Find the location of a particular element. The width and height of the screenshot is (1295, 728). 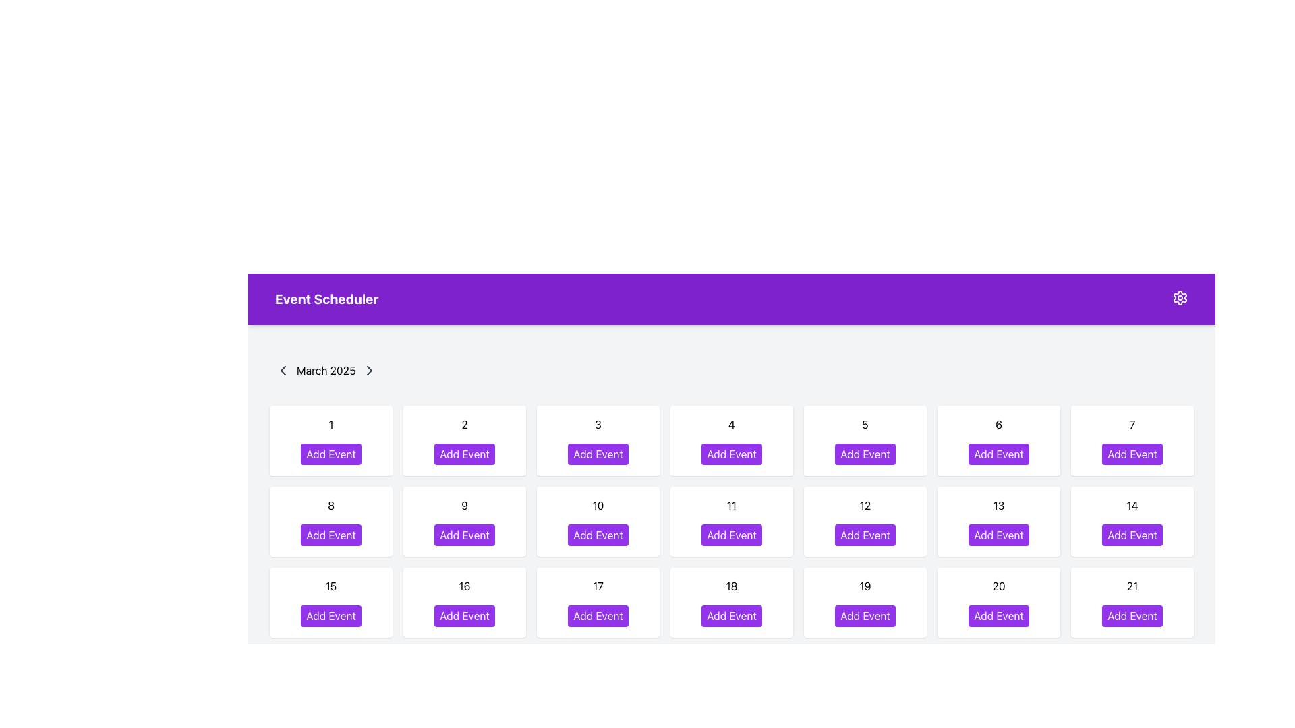

the right-facing chevron arrow icon located beside the 'March 2025' text is located at coordinates (369, 371).